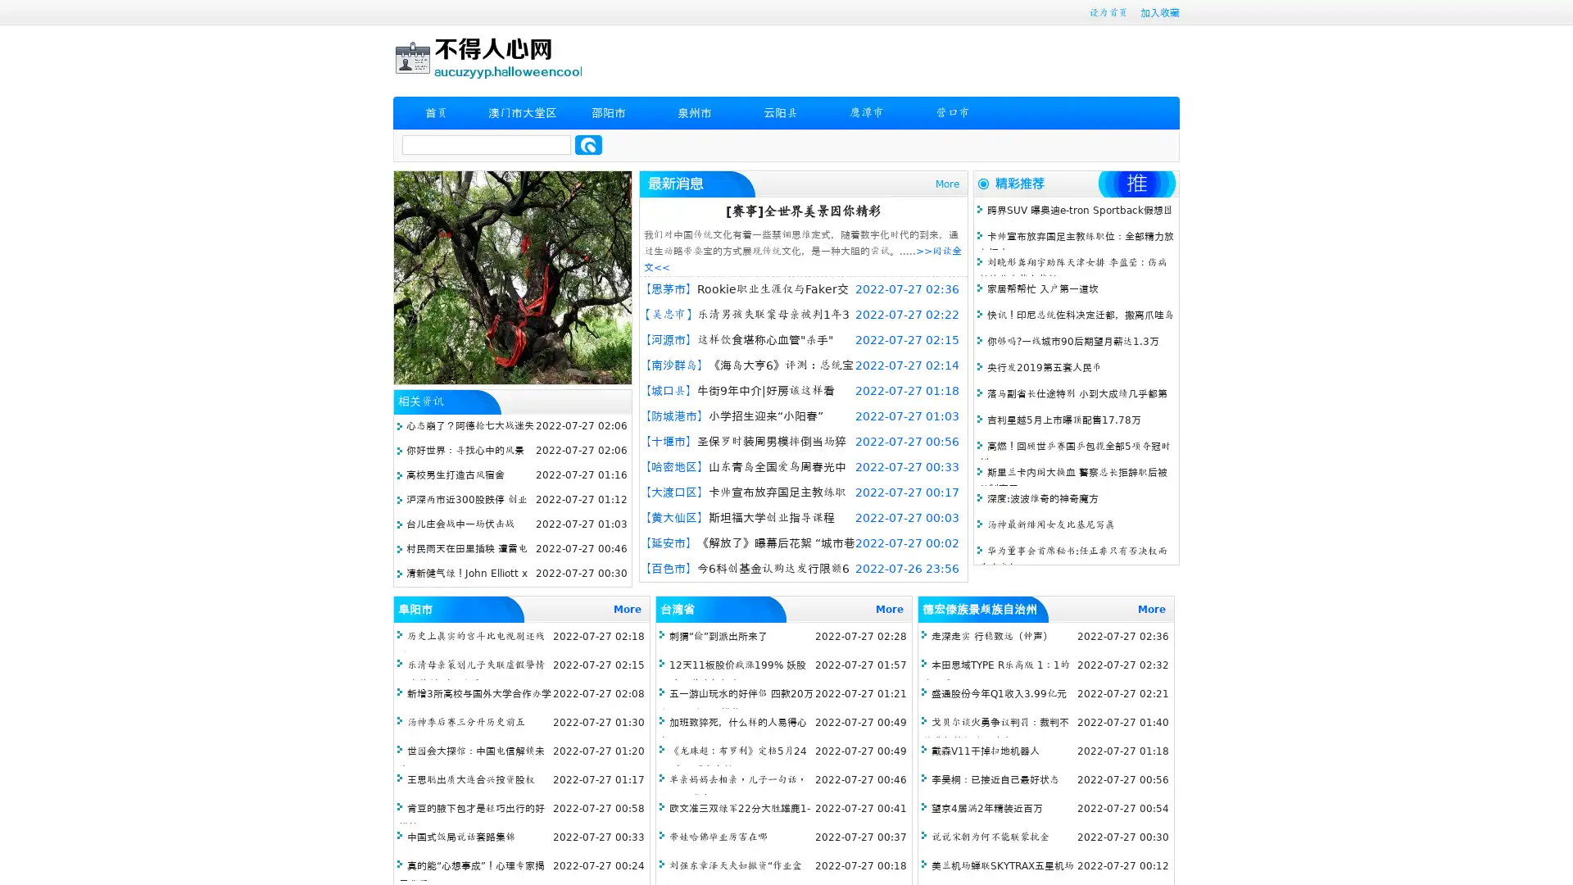 The height and width of the screenshot is (885, 1573). What do you see at coordinates (588, 144) in the screenshot?
I see `Search` at bounding box center [588, 144].